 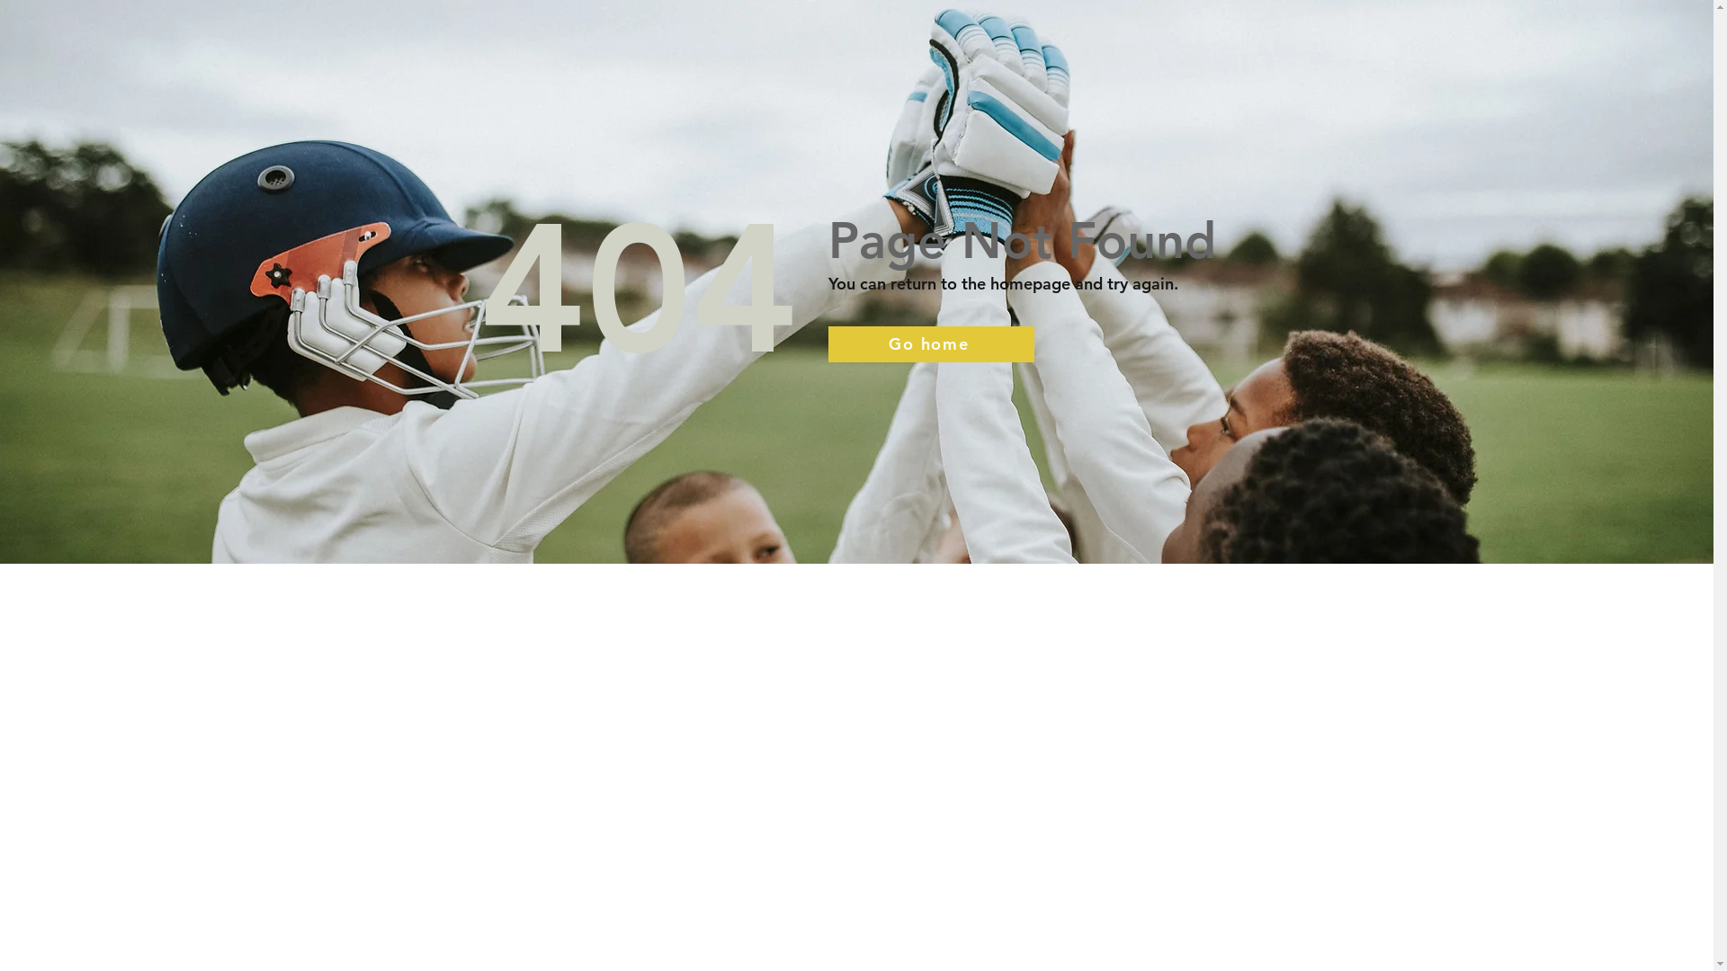 I want to click on 'Go home', so click(x=827, y=343).